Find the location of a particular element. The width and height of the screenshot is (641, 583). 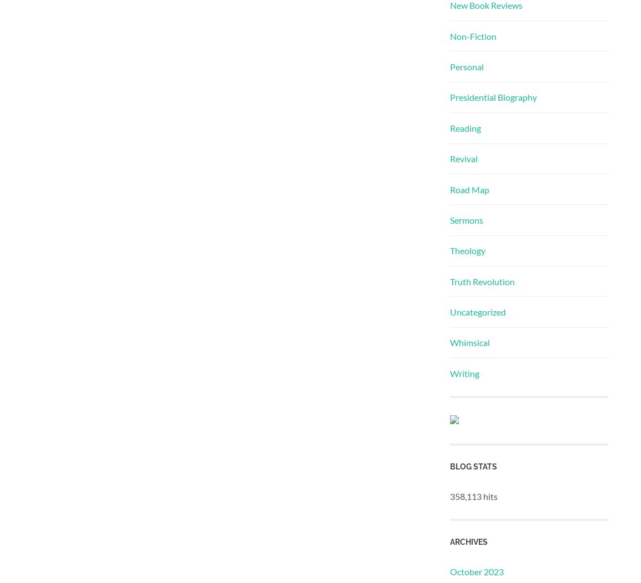

'Reading' is located at coordinates (465, 127).